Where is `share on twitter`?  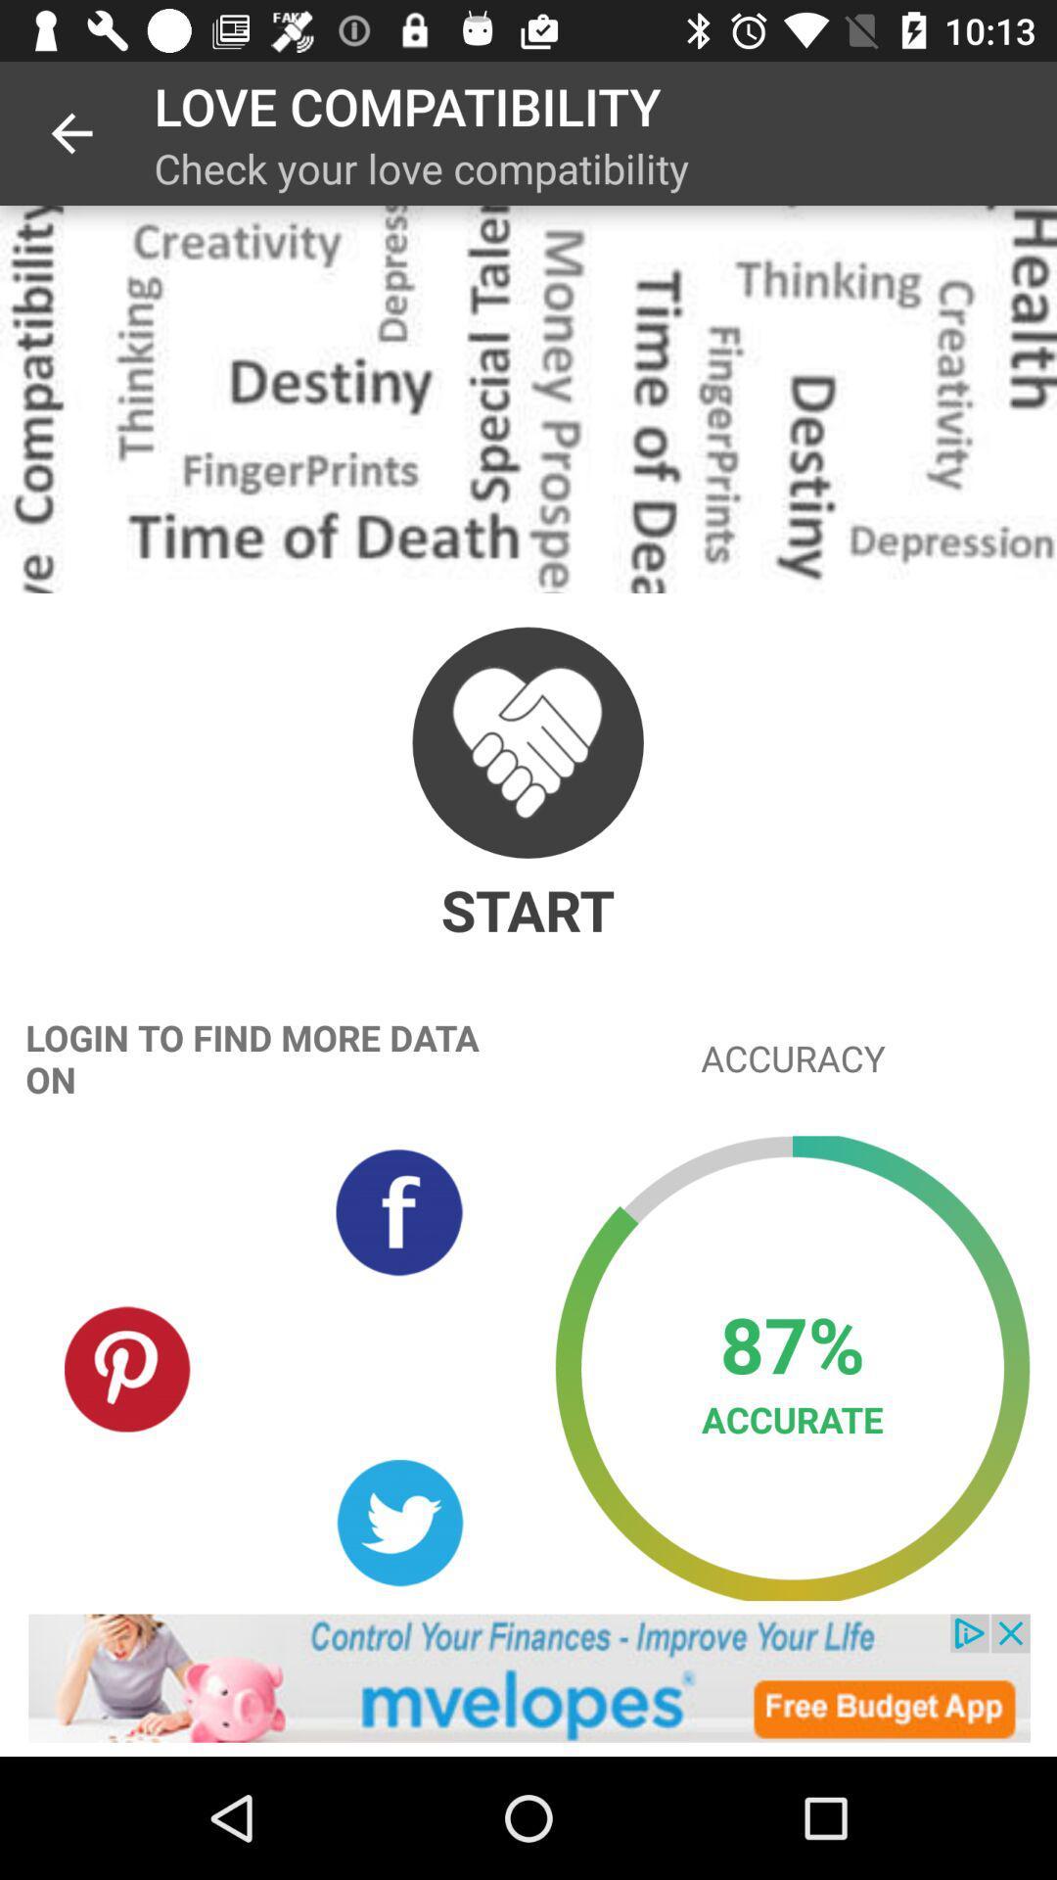 share on twitter is located at coordinates (398, 1523).